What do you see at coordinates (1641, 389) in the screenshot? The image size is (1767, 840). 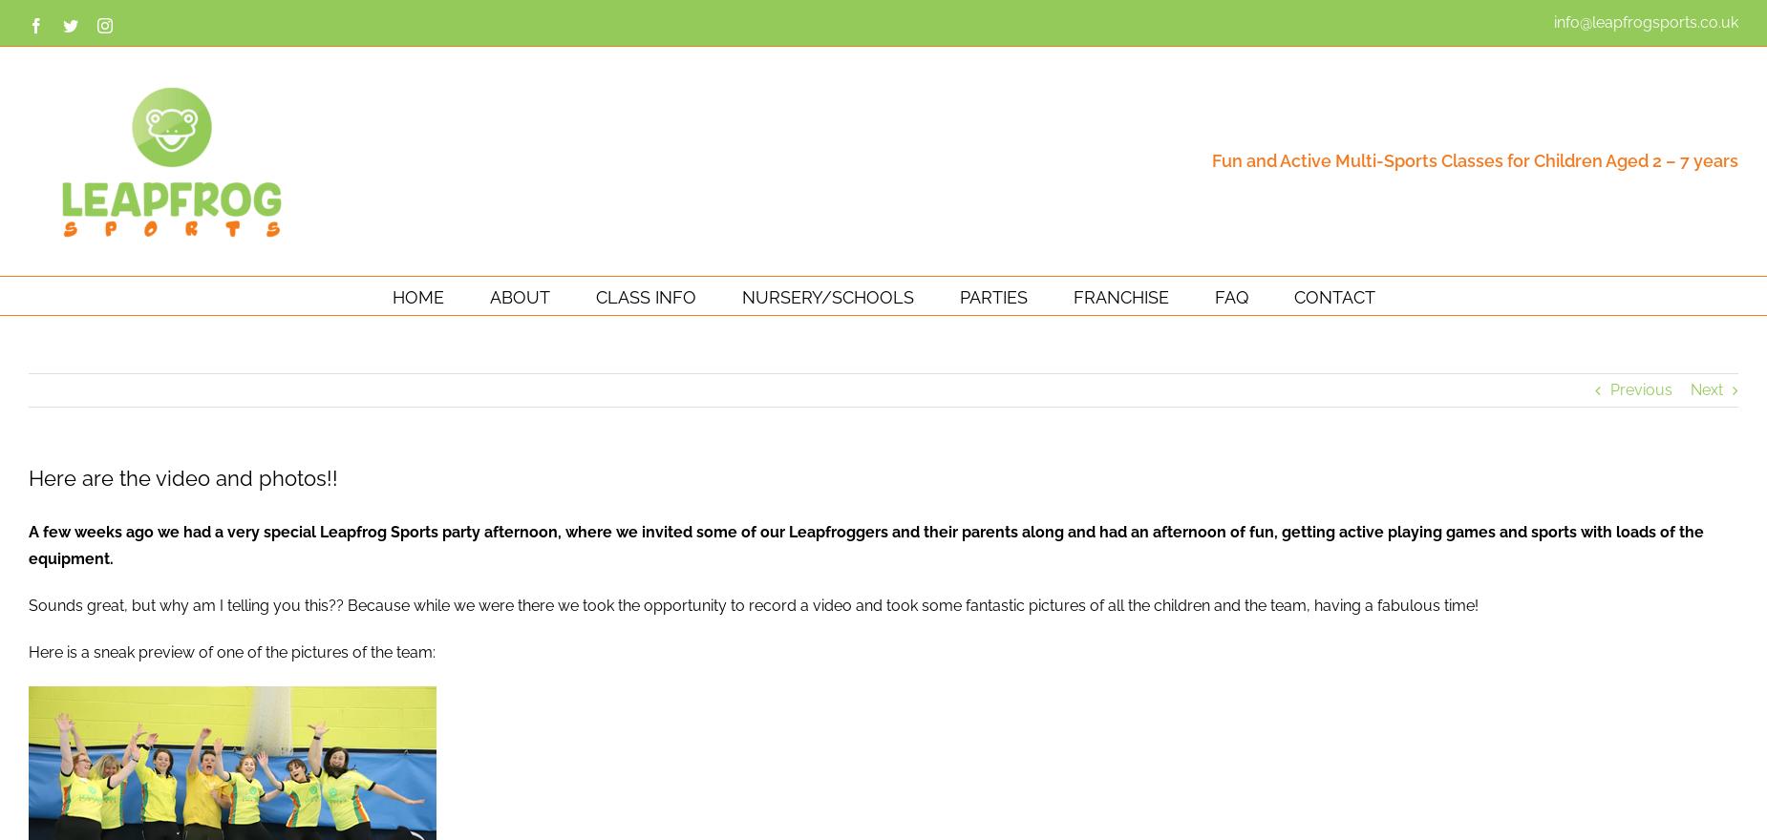 I see `'Previous'` at bounding box center [1641, 389].